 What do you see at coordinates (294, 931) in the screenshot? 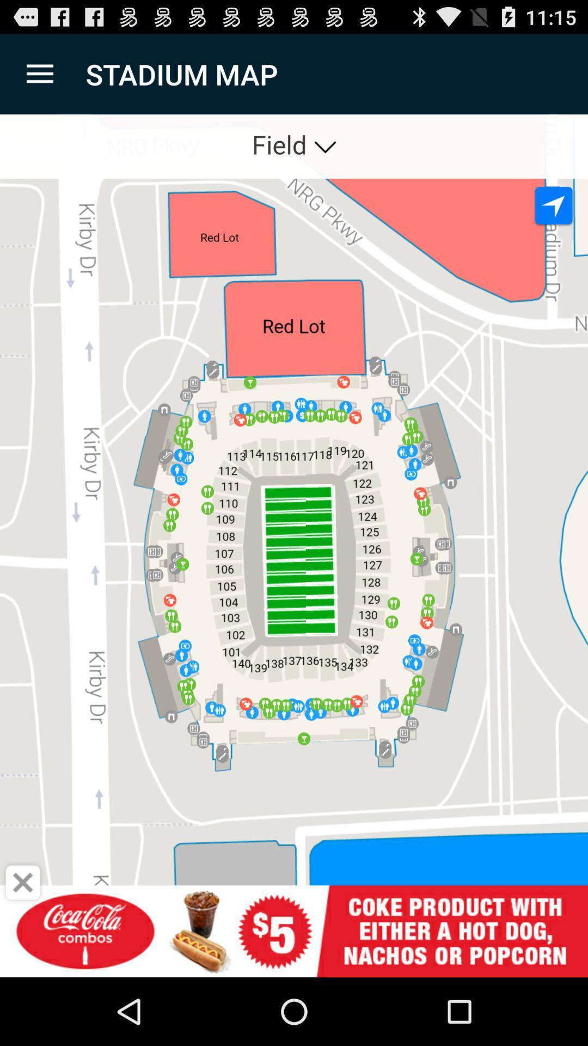
I see `advertisement image` at bounding box center [294, 931].